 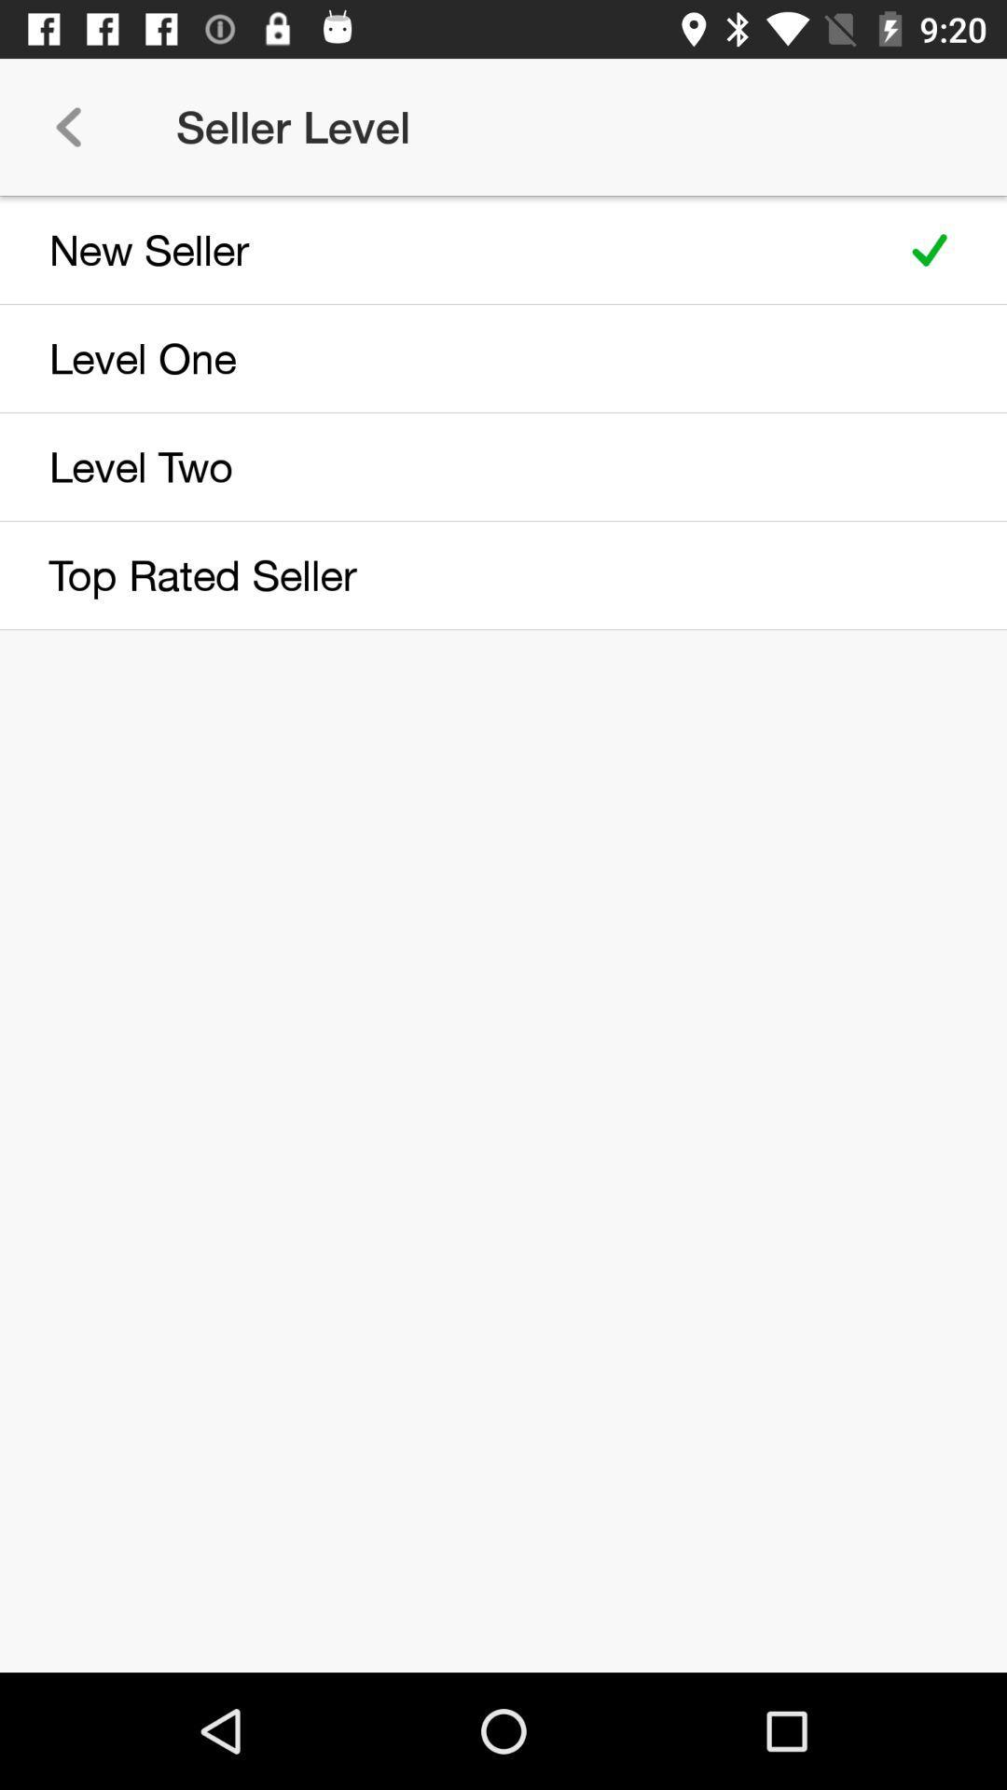 I want to click on the icon to the right of the new seller icon, so click(x=930, y=249).